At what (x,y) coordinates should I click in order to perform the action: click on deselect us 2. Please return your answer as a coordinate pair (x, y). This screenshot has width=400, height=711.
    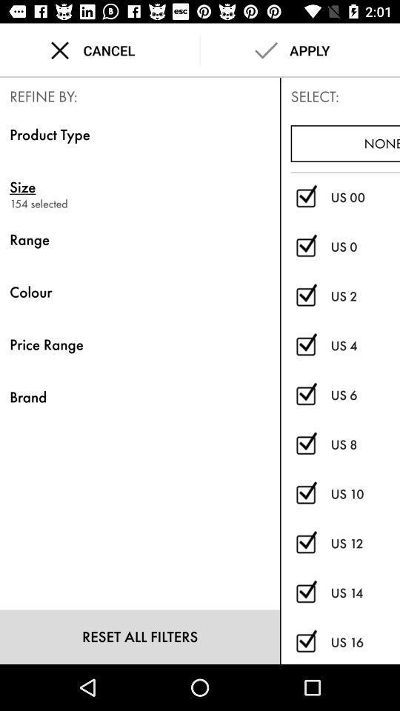
    Looking at the image, I should click on (305, 296).